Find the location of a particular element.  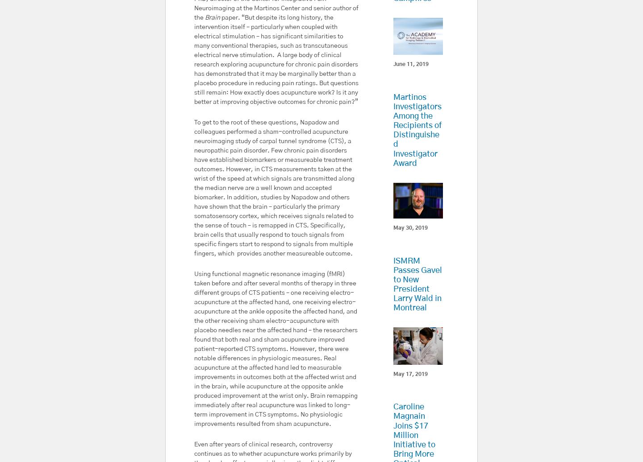

'To get to the root of these questions, Napadow and colleagues performed a sham-controlled acupuncture neuroimaging study of carpal tunnel syndrome (CTS), a neuropathic pain disorder. Few chronic pain disorders have established biomarkers or measureable treatment outcomes. However, in CTS measurements taken at the wrist of the speed at which signals are transmitted along the median nerve are a well known and accepted biomarker. In addition, studies by Napadow and others have shown that the brain – particularly the primary somatosensory cortex, which receives signals related to the sense of touch – is remapped in CTS. Specifically, brain cells that usually respond to touch signals from specific fingers start to respond to signals from multiple fingers, which  provides another measureable outcome.' is located at coordinates (274, 188).